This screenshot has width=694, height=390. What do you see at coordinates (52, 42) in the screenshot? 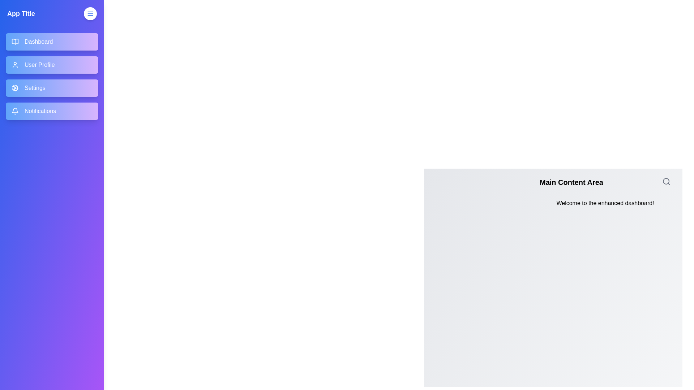
I see `the menu item Dashboard in the drawer` at bounding box center [52, 42].